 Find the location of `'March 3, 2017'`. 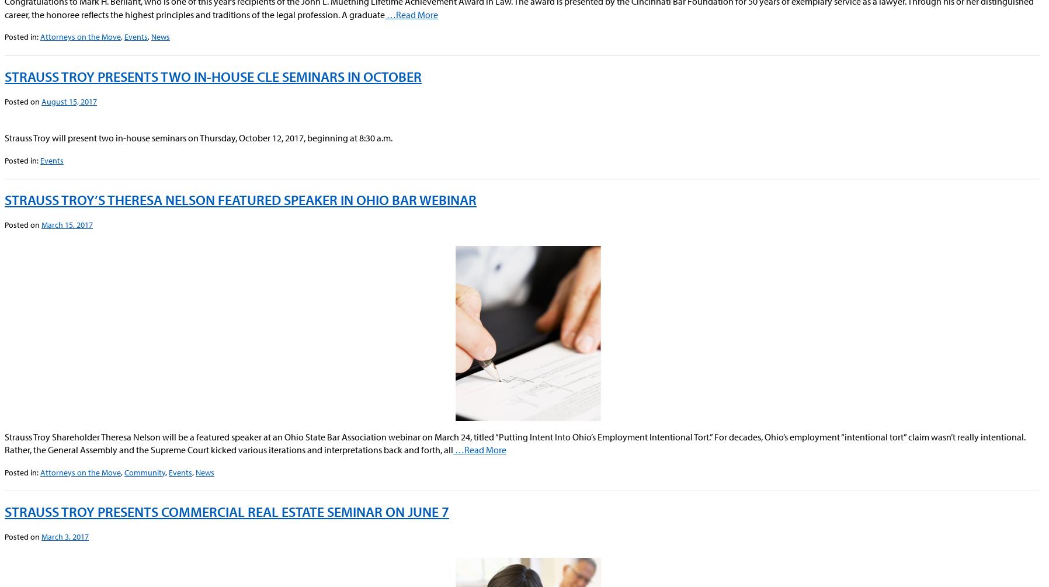

'March 3, 2017' is located at coordinates (64, 536).